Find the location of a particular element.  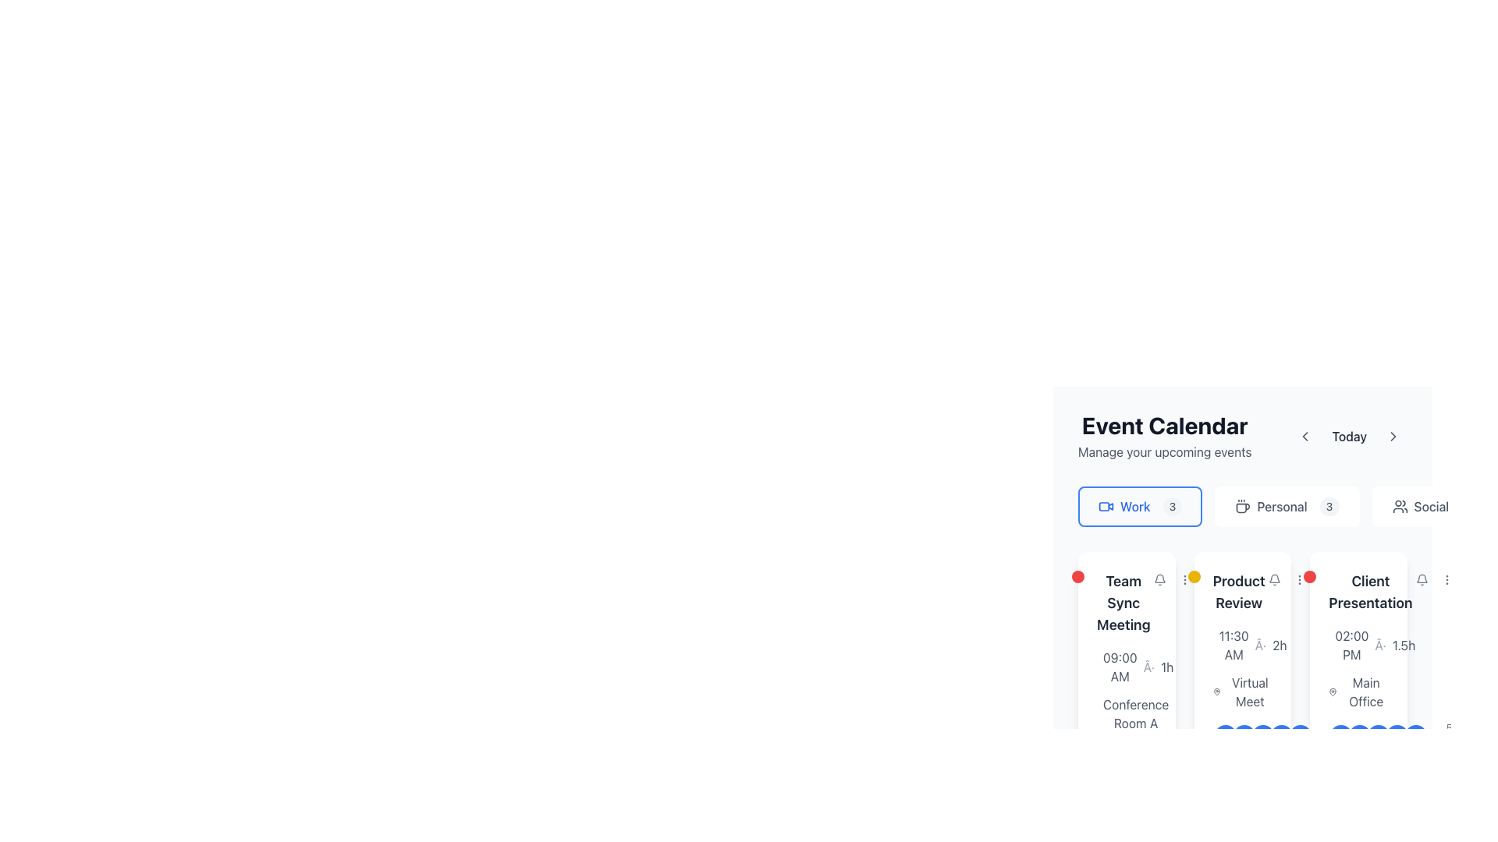

the notification button located in the top-right corner of the 'Client Presentation' card is located at coordinates (1422, 580).